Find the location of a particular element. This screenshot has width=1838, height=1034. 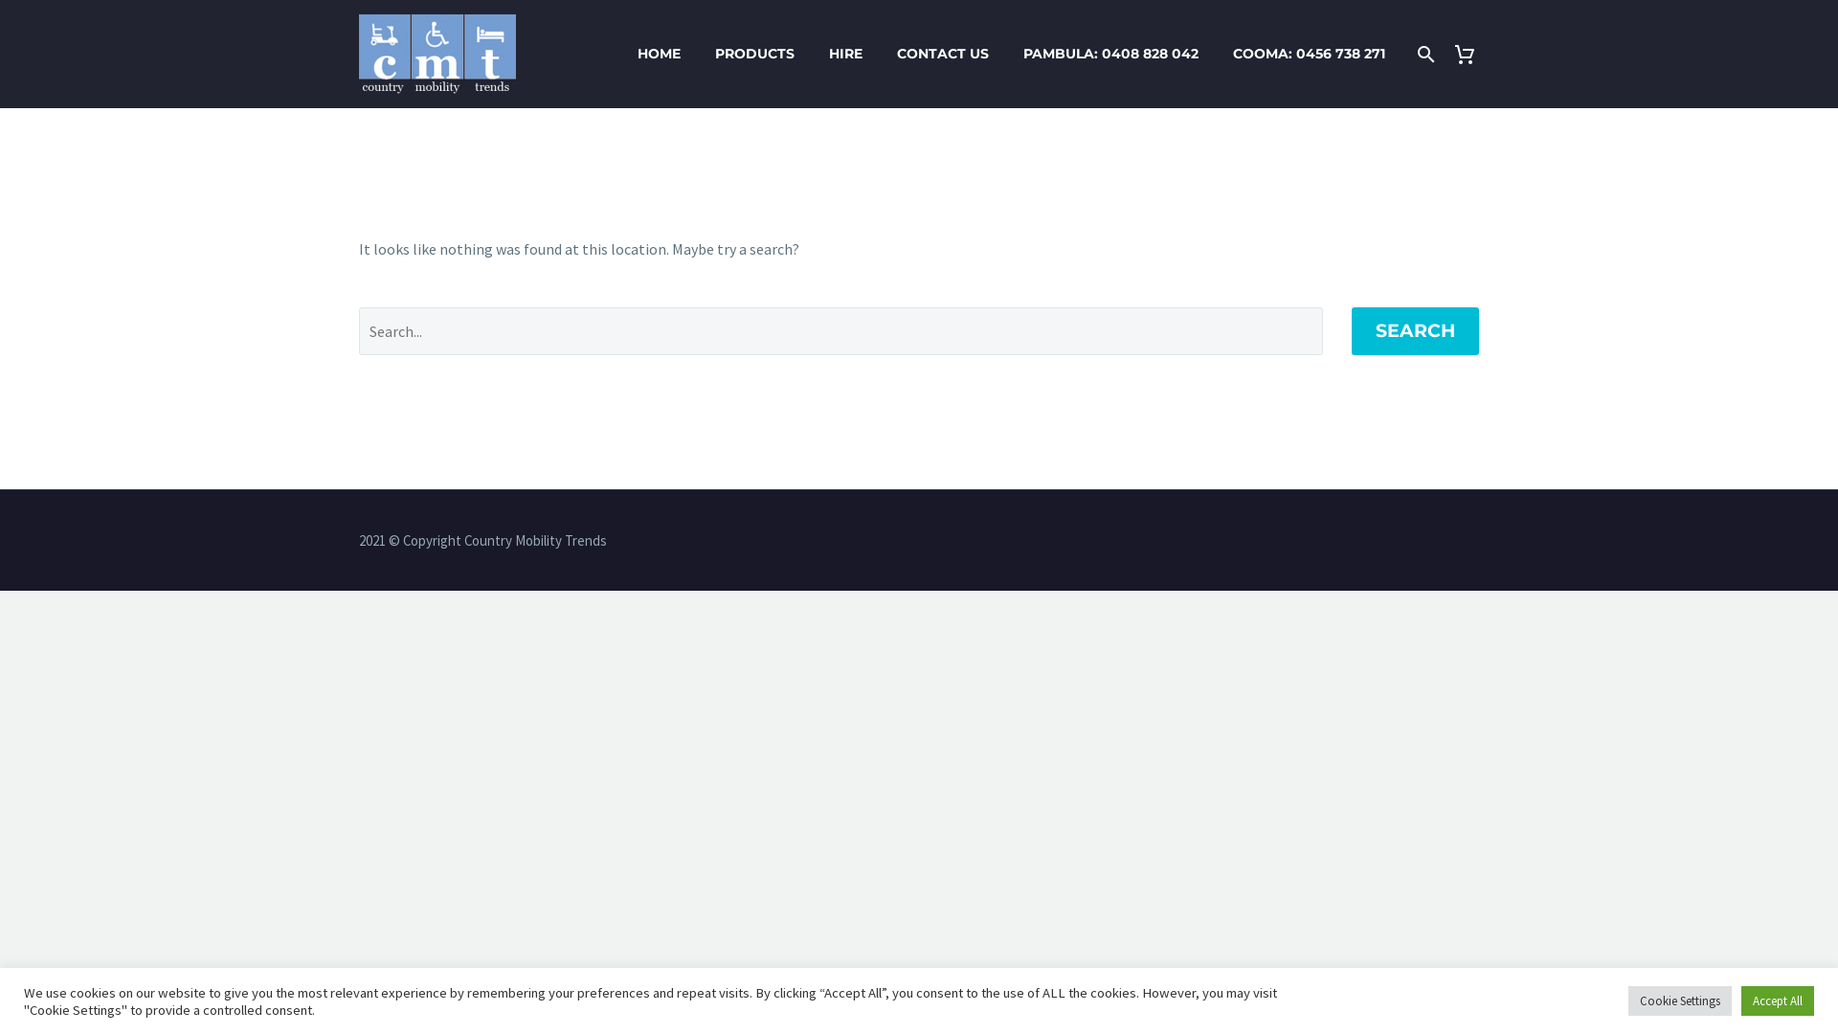

'SEARCH' is located at coordinates (1415, 330).